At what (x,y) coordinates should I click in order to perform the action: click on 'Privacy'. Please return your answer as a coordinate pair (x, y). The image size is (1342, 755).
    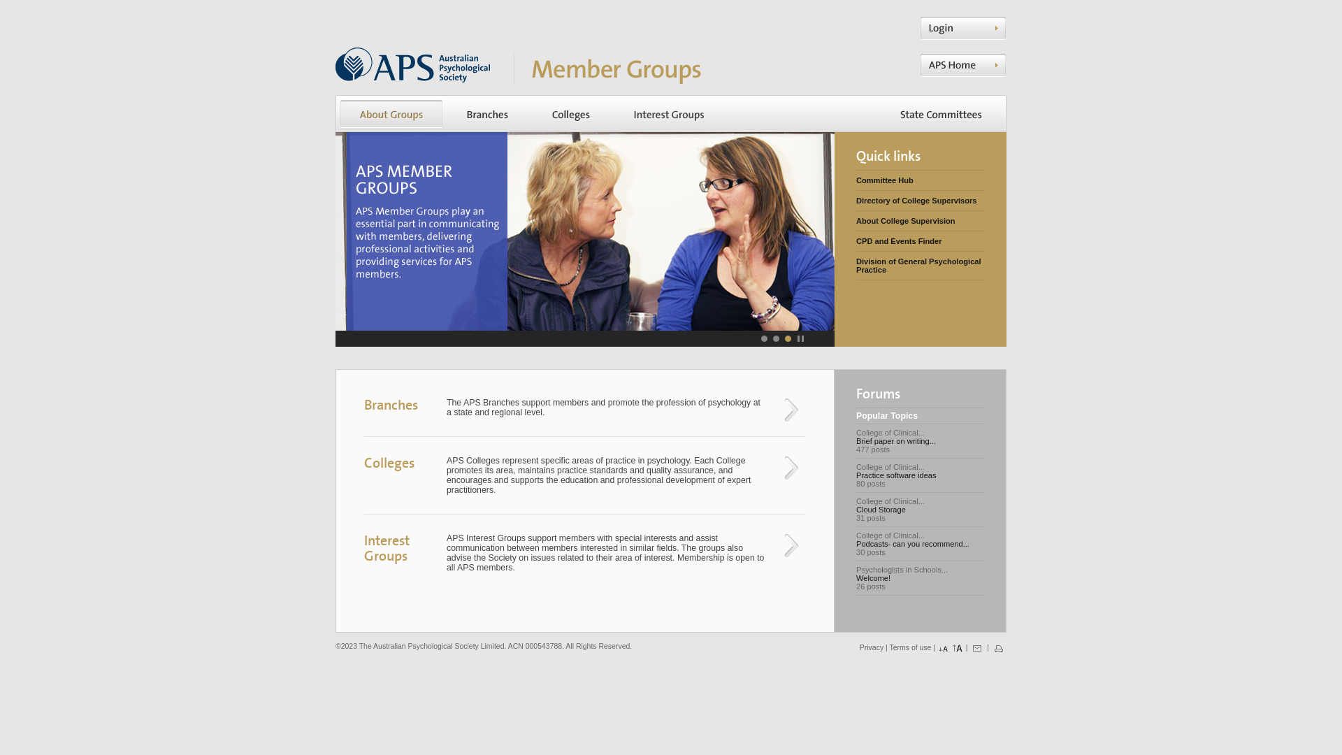
    Looking at the image, I should click on (871, 647).